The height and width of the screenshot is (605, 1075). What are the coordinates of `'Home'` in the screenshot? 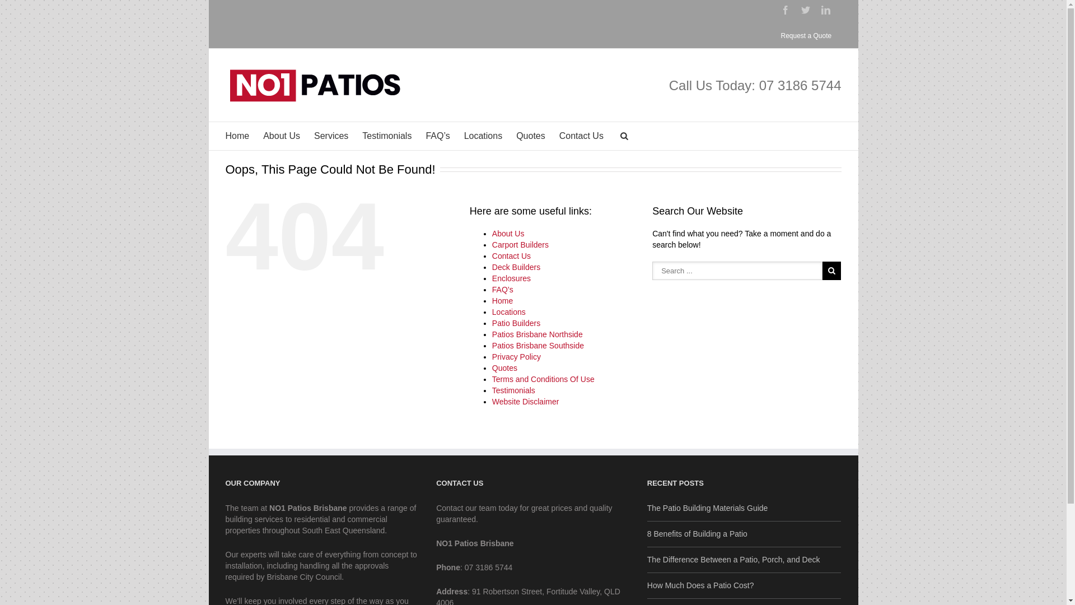 It's located at (502, 300).